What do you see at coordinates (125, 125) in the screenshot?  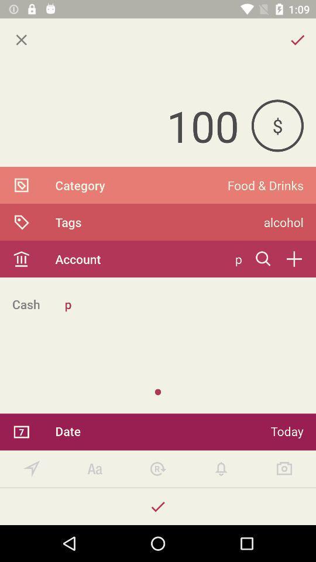 I see `100` at bounding box center [125, 125].